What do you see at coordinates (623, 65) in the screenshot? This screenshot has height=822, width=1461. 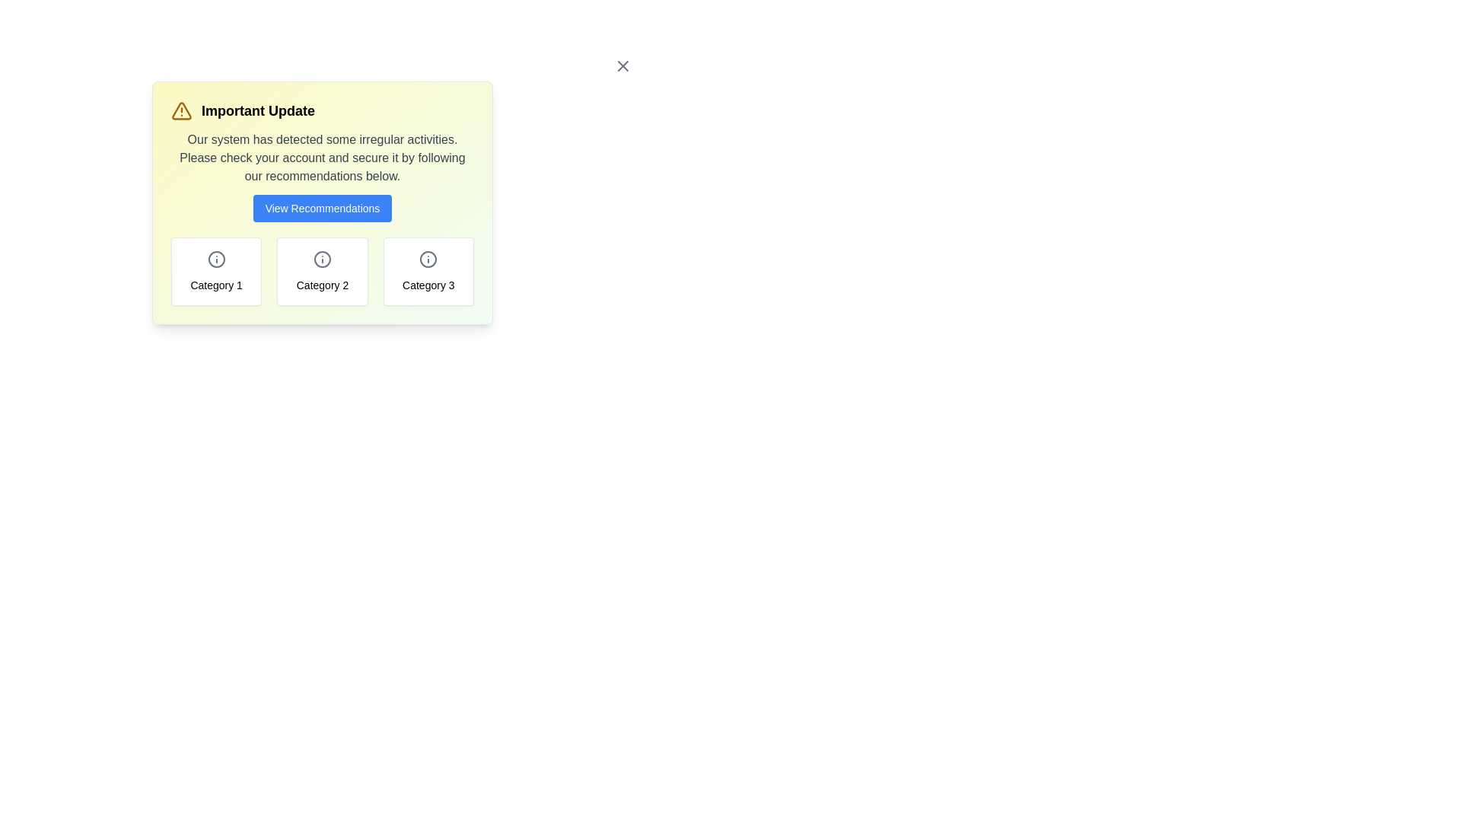 I see `the close button to dismiss the alert` at bounding box center [623, 65].